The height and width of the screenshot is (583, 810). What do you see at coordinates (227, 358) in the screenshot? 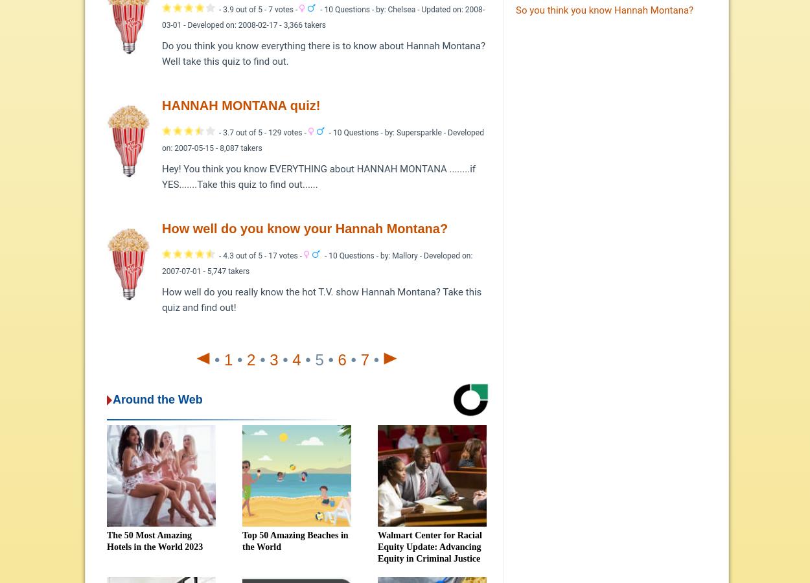
I see `'1'` at bounding box center [227, 358].